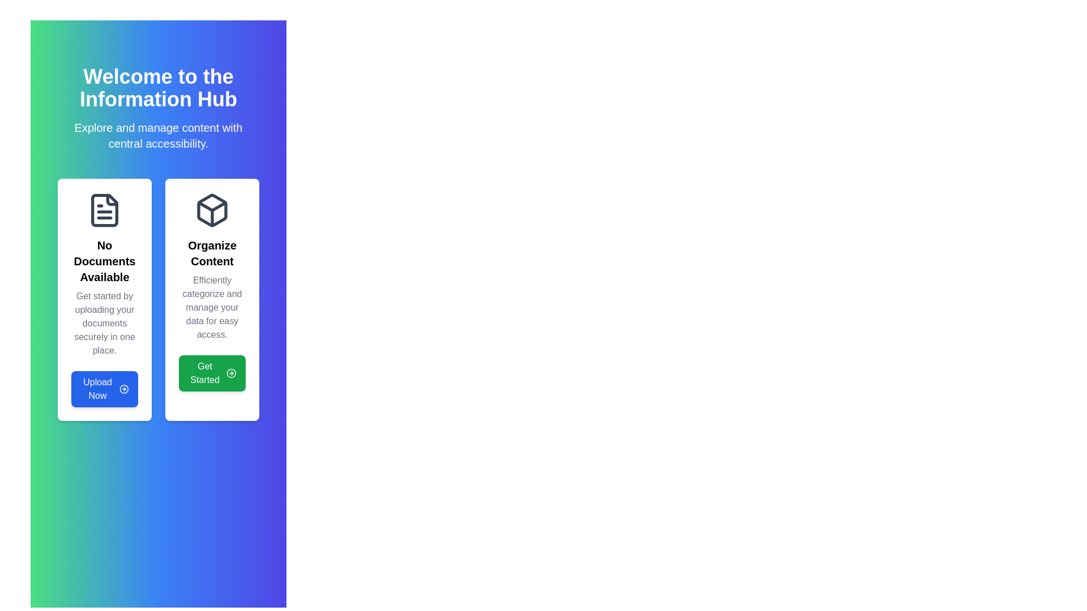 The width and height of the screenshot is (1087, 611). Describe the element at coordinates (105, 210) in the screenshot. I see `the 'No Documents Available' SVG graphic element, which is centrally located in the left column of two side-by-side cards, above the text 'No Documents Available'` at that location.